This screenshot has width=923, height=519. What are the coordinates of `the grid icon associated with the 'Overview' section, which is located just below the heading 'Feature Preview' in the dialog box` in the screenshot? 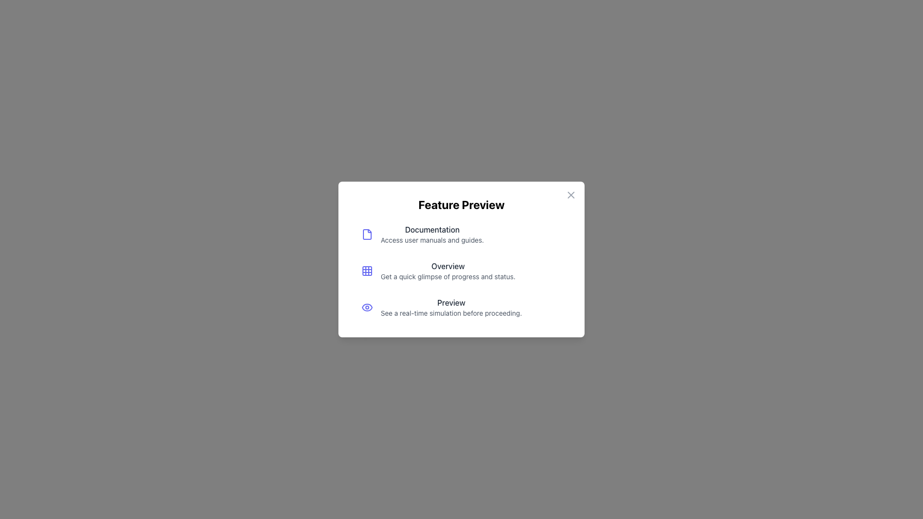 It's located at (366, 271).